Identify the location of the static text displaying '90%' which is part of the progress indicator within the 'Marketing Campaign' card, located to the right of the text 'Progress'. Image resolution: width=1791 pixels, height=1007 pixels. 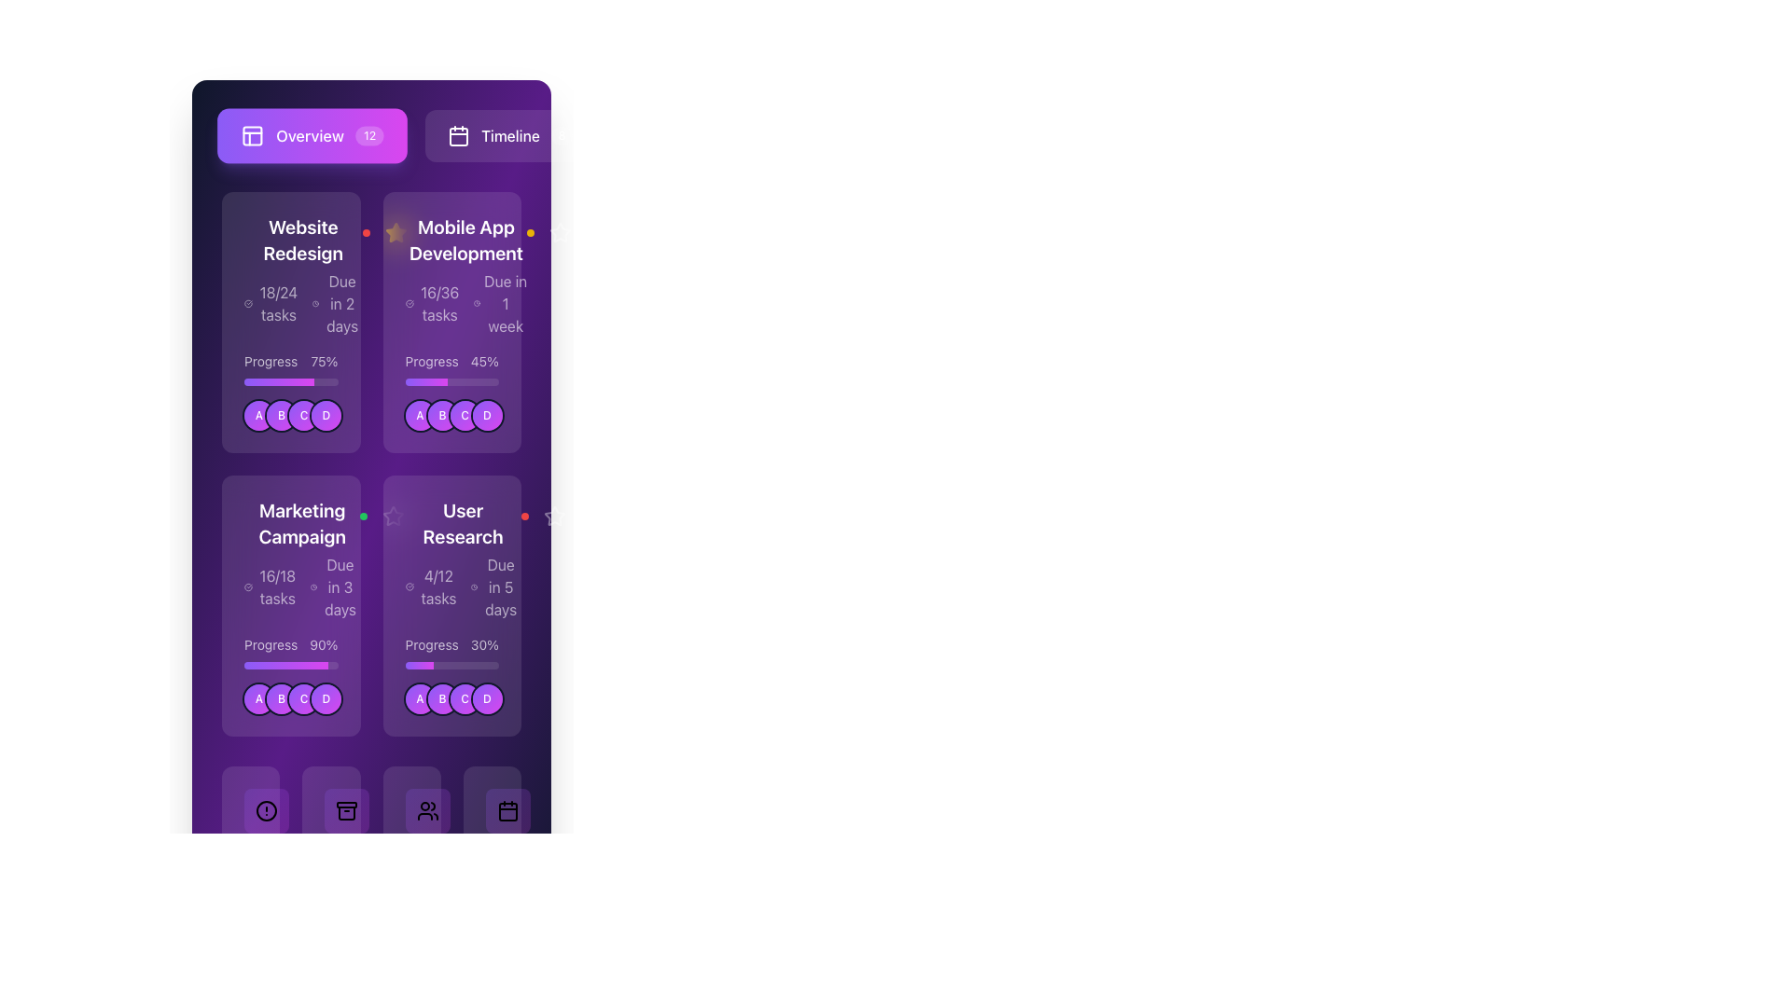
(324, 643).